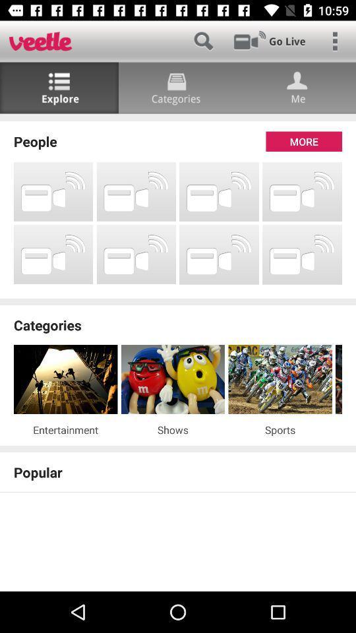  I want to click on app next to the entertainment, so click(173, 429).